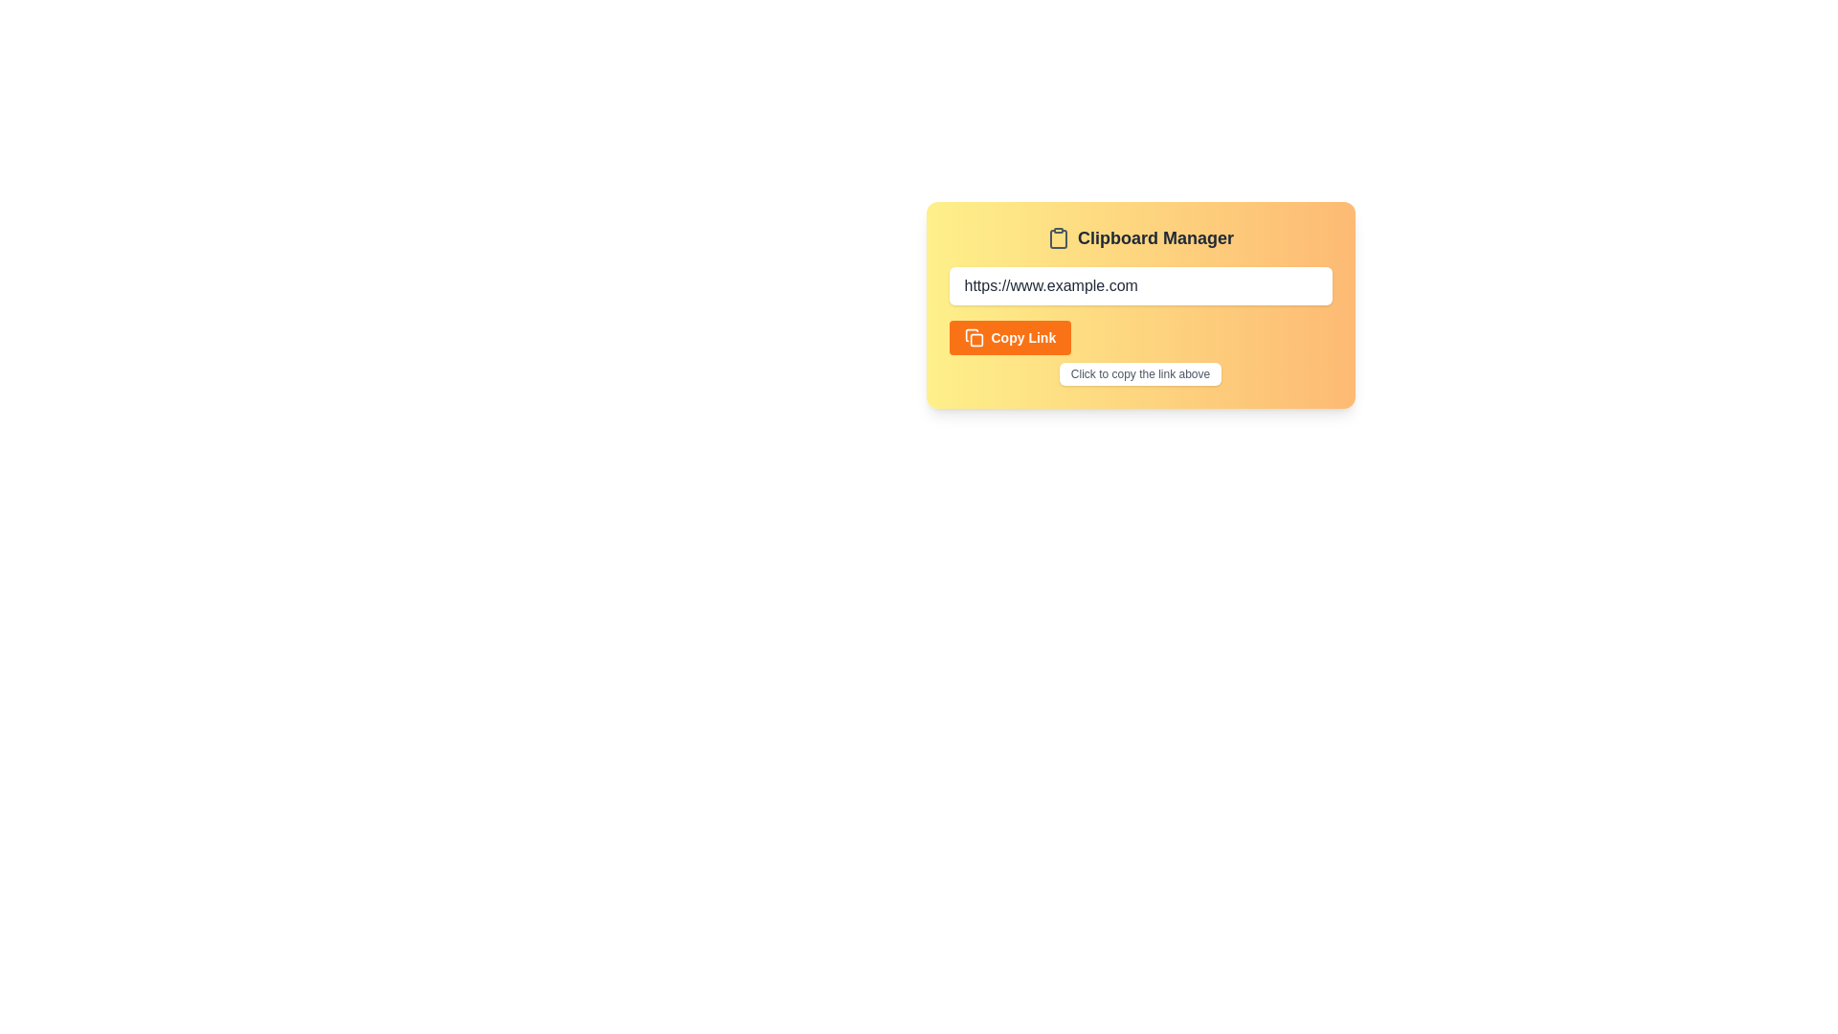  What do you see at coordinates (1140, 237) in the screenshot?
I see `the Text Label with Icon that serves as the header for Clipboard Management, located at the top of the card with a gradient background from yellow to orange` at bounding box center [1140, 237].